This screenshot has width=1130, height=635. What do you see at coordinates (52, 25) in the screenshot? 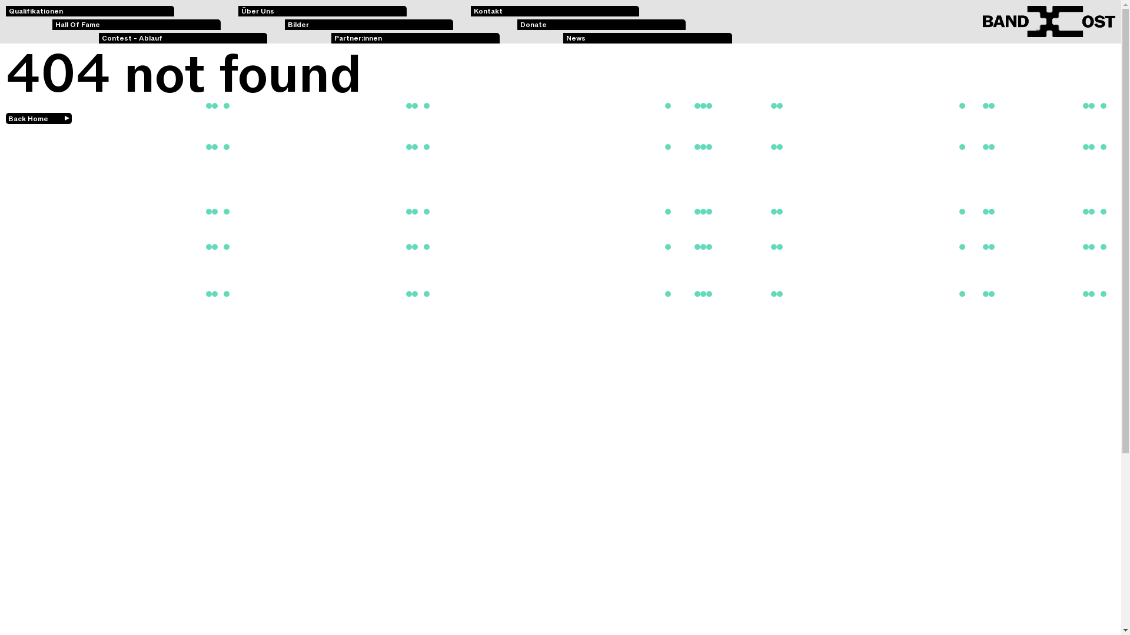
I see `'Hall Of Fame'` at bounding box center [52, 25].